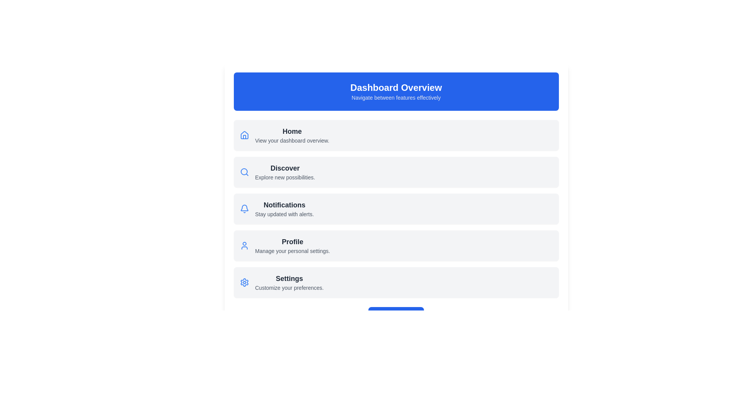 The width and height of the screenshot is (736, 414). Describe the element at coordinates (289, 288) in the screenshot. I see `the text label that provides a description for the 'Settings' section, located directly below the bold heading 'Settings'` at that location.